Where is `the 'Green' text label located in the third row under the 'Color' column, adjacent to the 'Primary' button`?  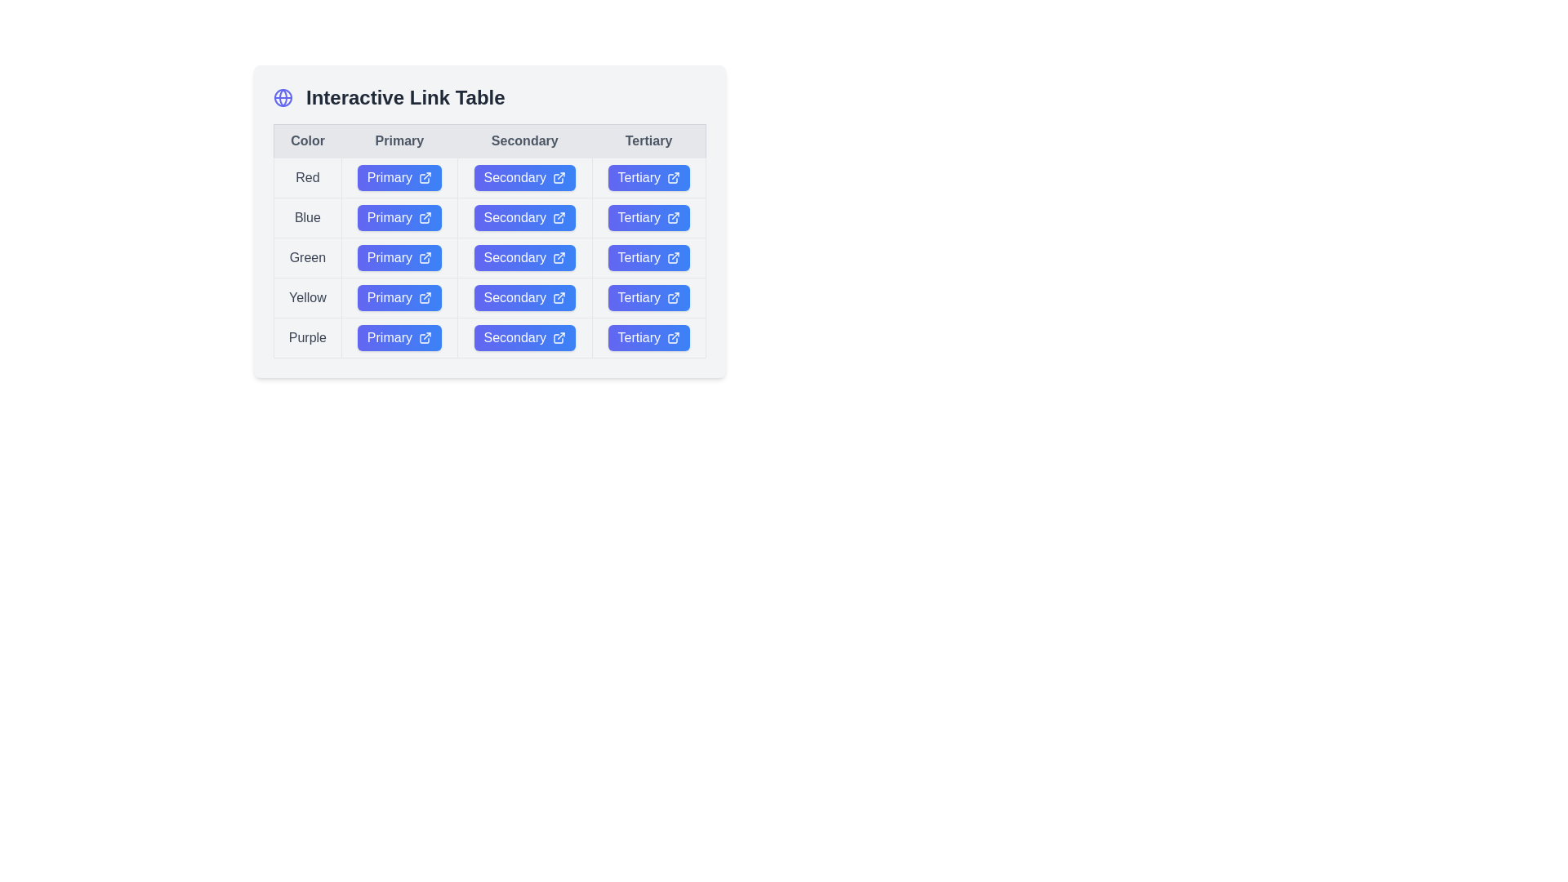
the 'Green' text label located in the third row under the 'Color' column, adjacent to the 'Primary' button is located at coordinates (307, 257).